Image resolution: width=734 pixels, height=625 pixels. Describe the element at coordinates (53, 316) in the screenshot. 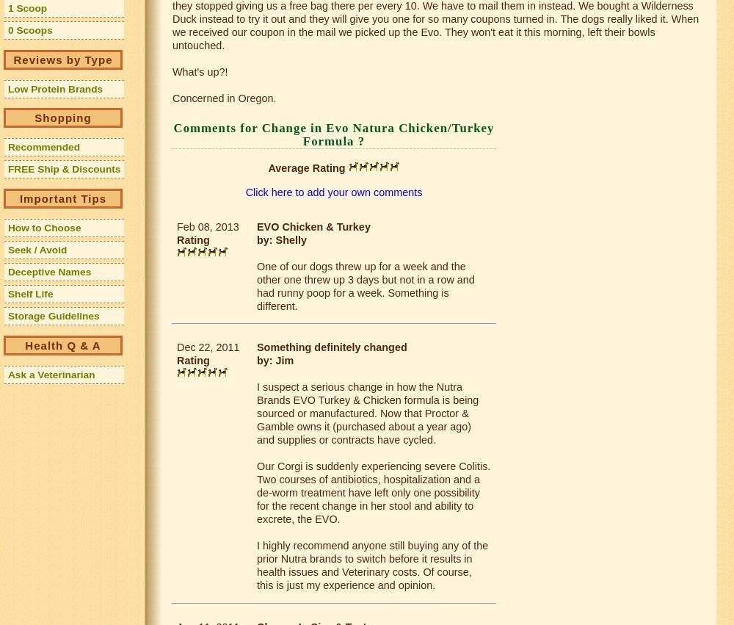

I see `'Storage Guidelines'` at that location.